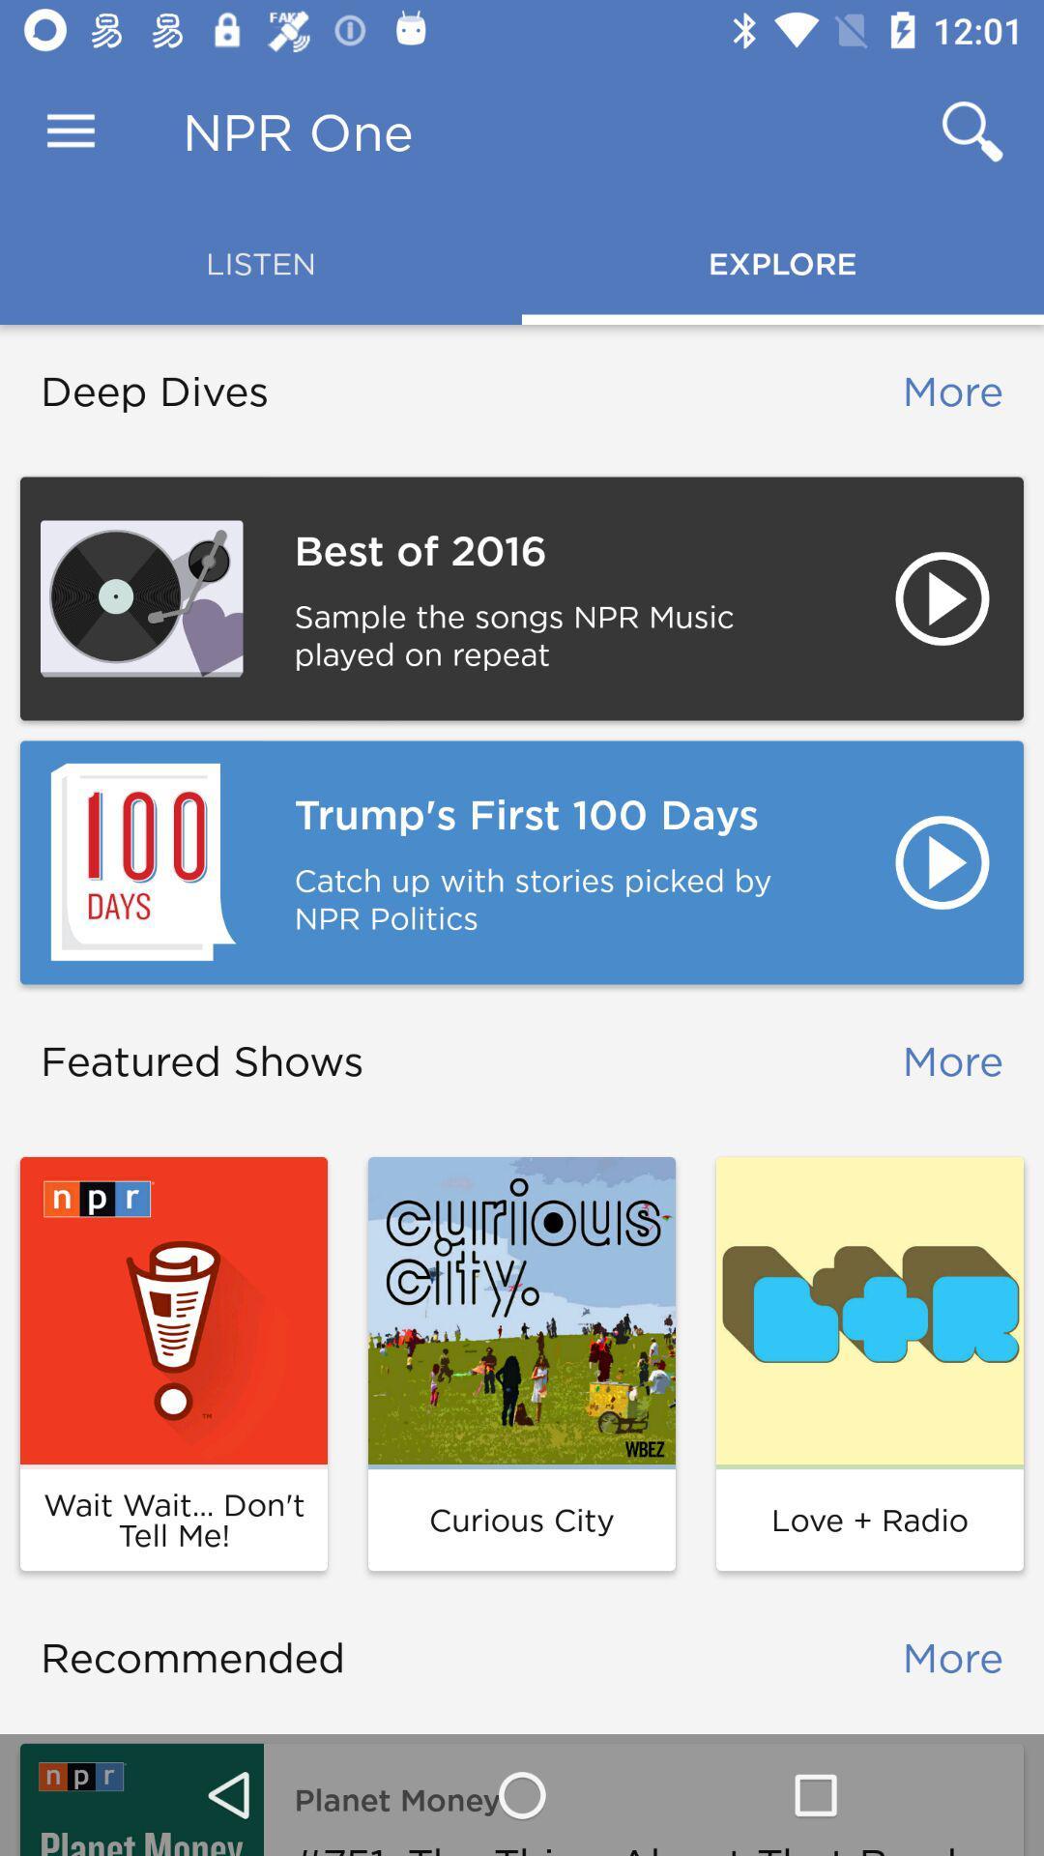 The image size is (1044, 1856). What do you see at coordinates (70, 130) in the screenshot?
I see `icon next to npr one item` at bounding box center [70, 130].